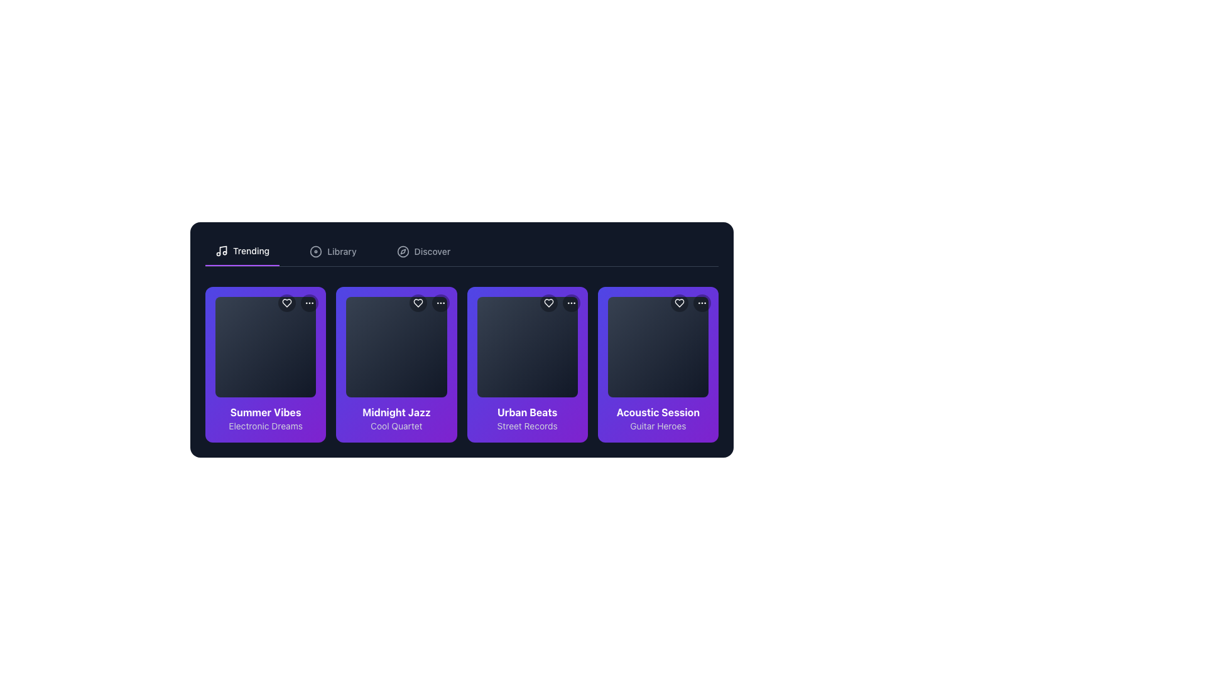  Describe the element at coordinates (548, 303) in the screenshot. I see `the heart-shaped icon located in the upper-right corner of the 'Urban Beats' card` at that location.